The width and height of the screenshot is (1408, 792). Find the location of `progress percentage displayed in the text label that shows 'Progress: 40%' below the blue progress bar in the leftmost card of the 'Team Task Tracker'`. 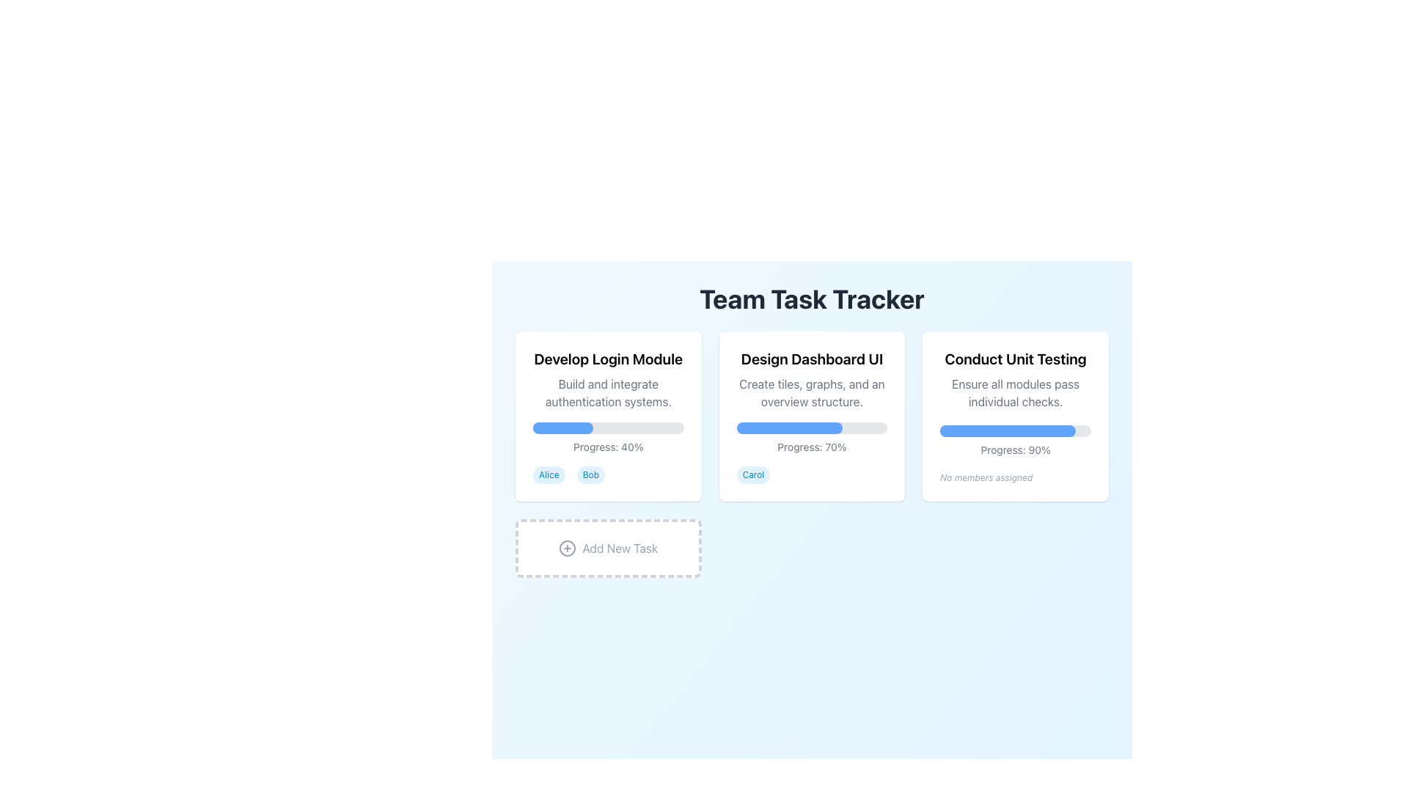

progress percentage displayed in the text label that shows 'Progress: 40%' below the blue progress bar in the leftmost card of the 'Team Task Tracker' is located at coordinates (608, 446).